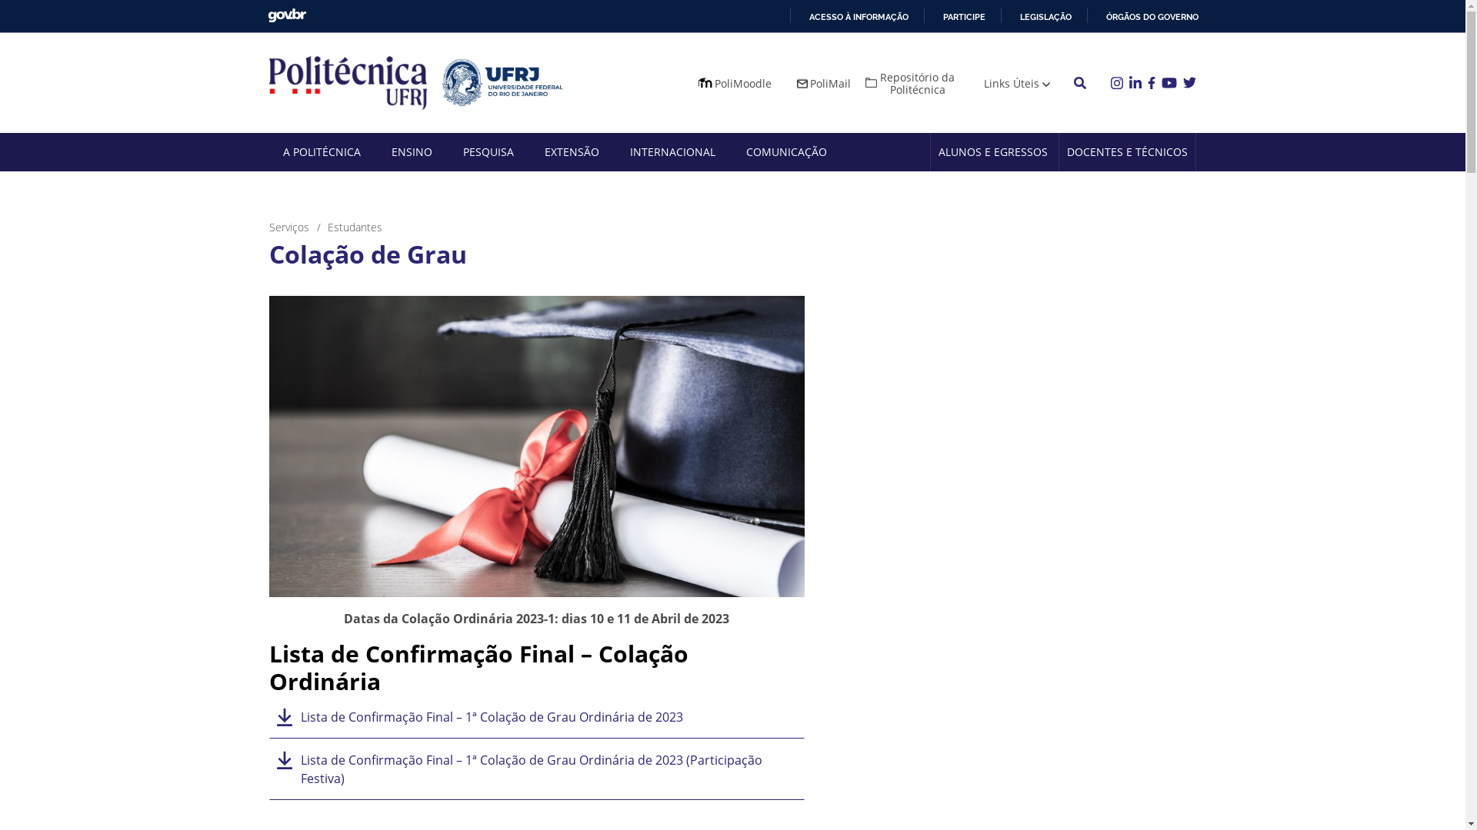 The image size is (1477, 830). Describe the element at coordinates (672, 151) in the screenshot. I see `'INTERNACIONAL'` at that location.